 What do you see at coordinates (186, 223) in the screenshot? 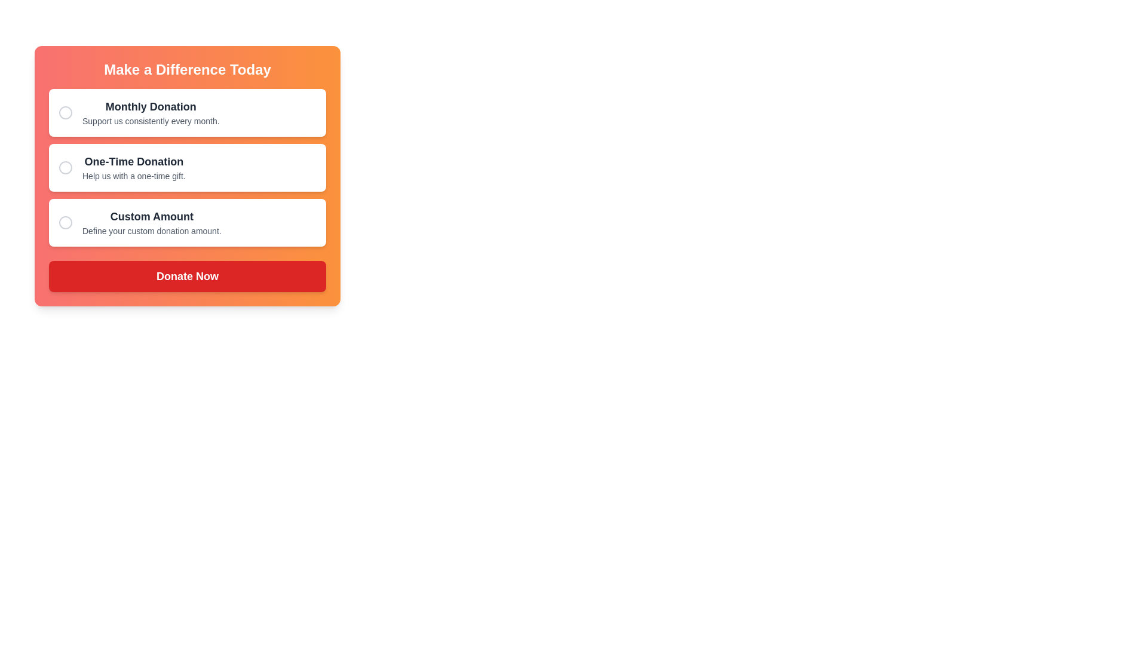
I see `the third Option Card in the vertical list of donation options` at bounding box center [186, 223].